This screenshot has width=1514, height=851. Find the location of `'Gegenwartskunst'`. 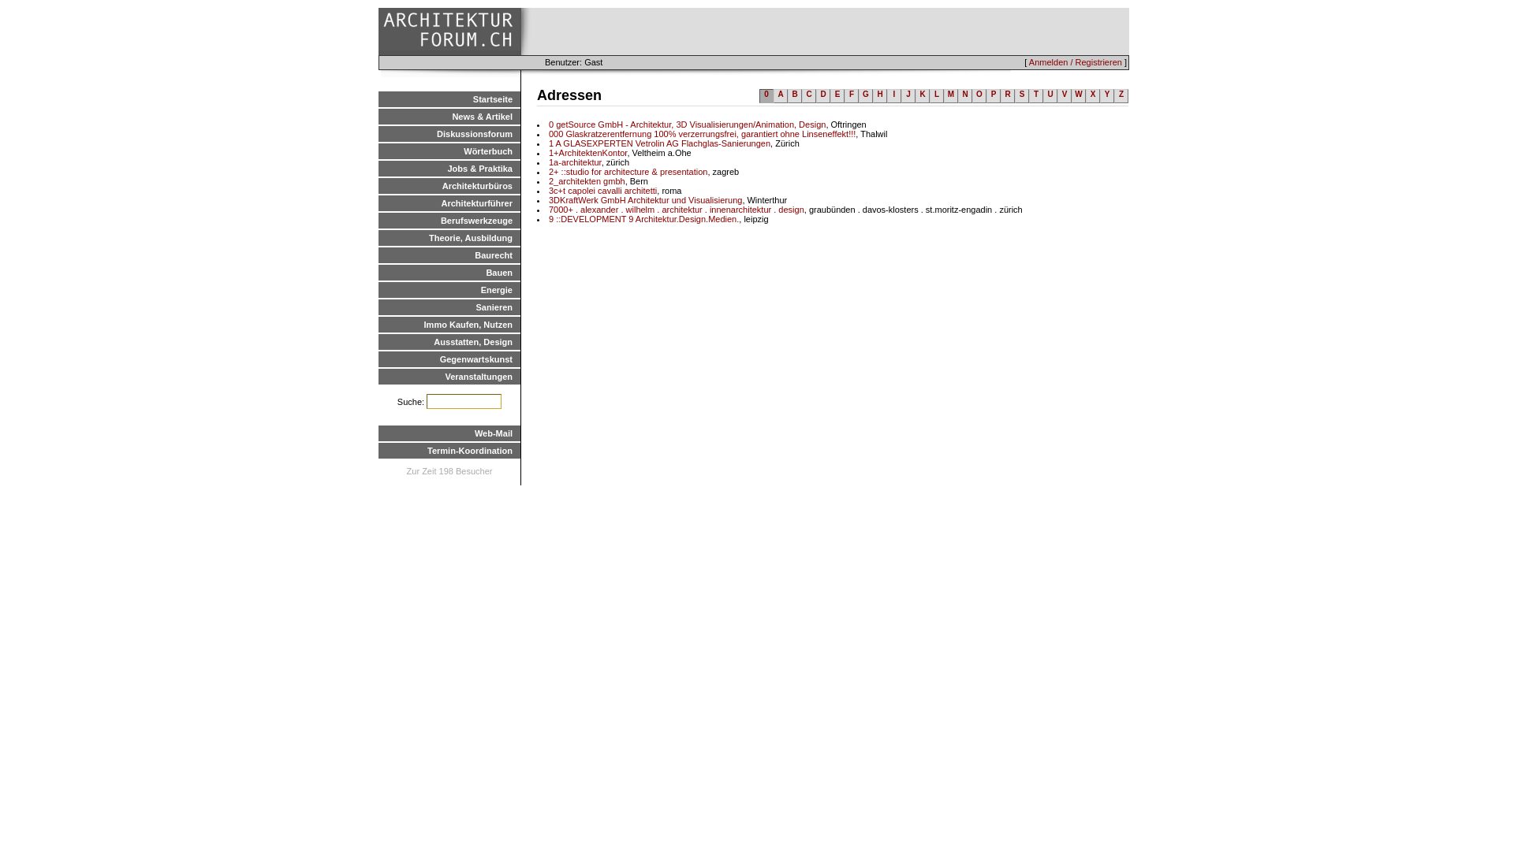

'Gegenwartskunst' is located at coordinates (378, 359).